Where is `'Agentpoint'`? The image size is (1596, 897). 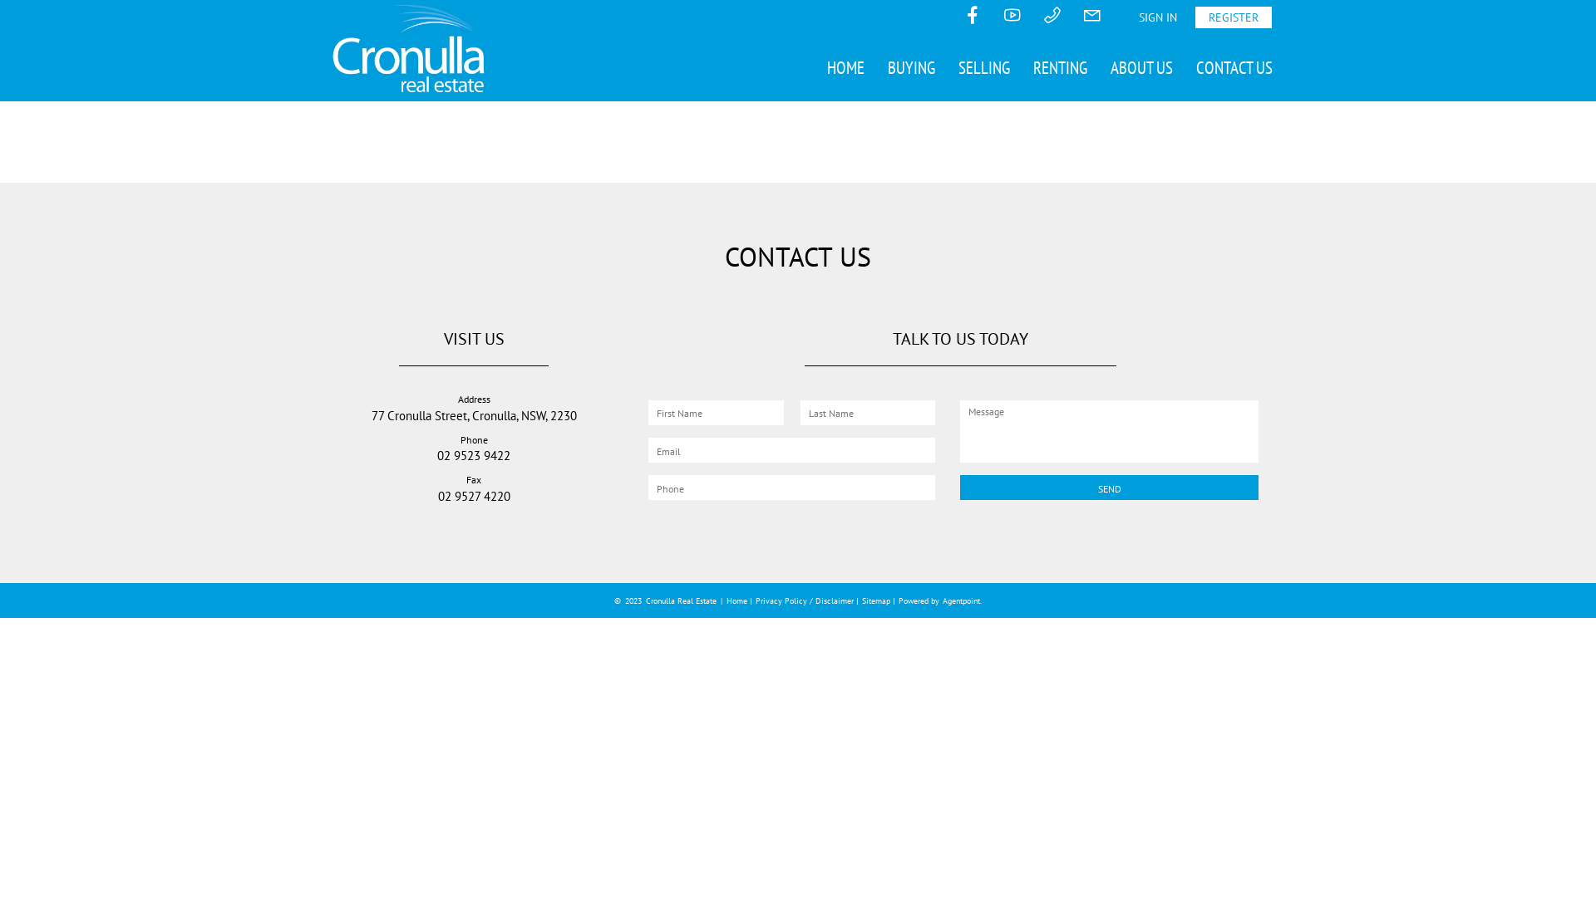 'Agentpoint' is located at coordinates (961, 601).